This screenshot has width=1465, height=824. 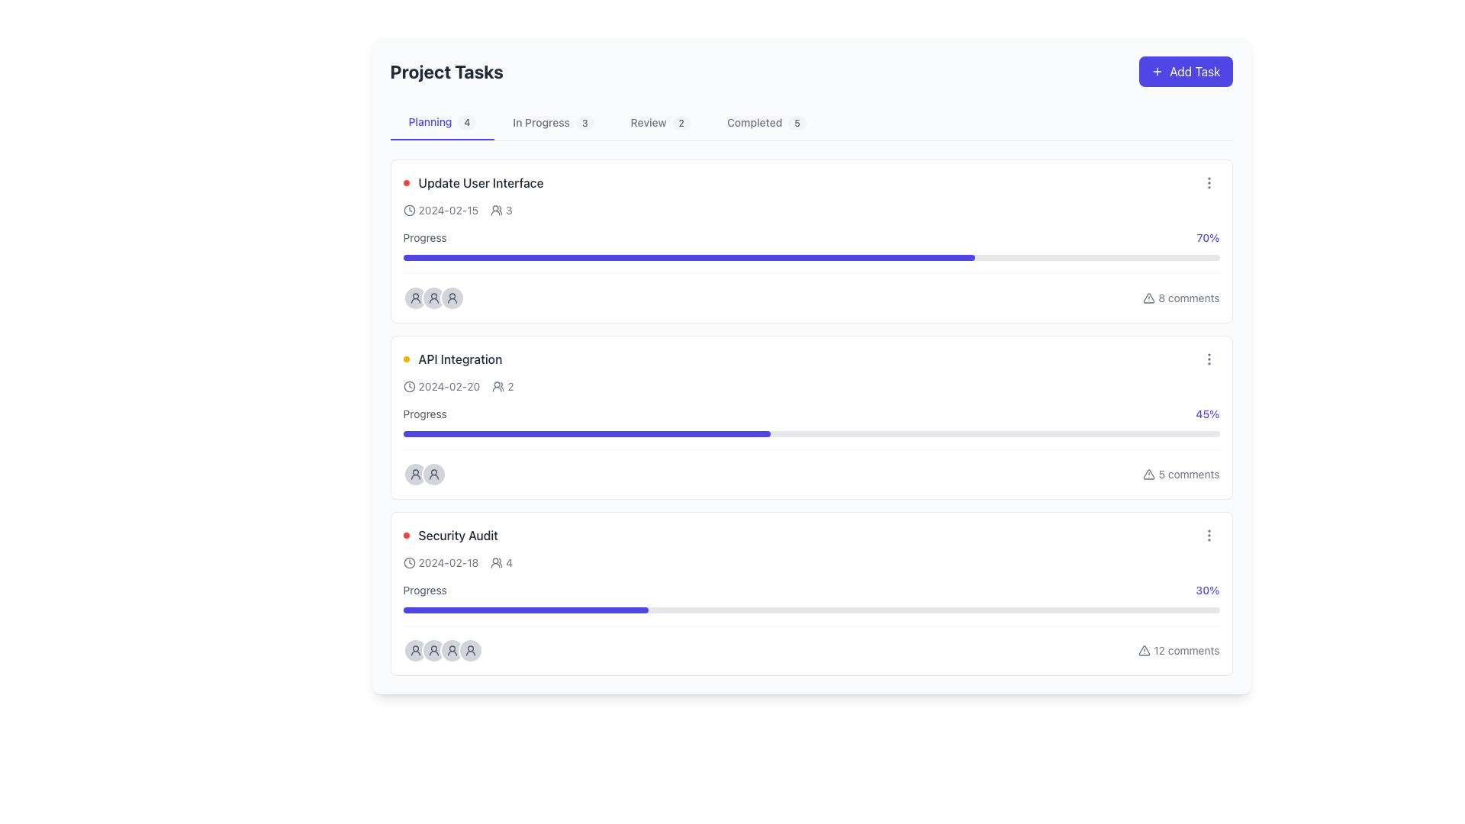 I want to click on assignments by clicking on the overlapping circular avatars representing user profile indicators for the 'API Integration' task located at the bottom-left corner of the task details, so click(x=424, y=473).